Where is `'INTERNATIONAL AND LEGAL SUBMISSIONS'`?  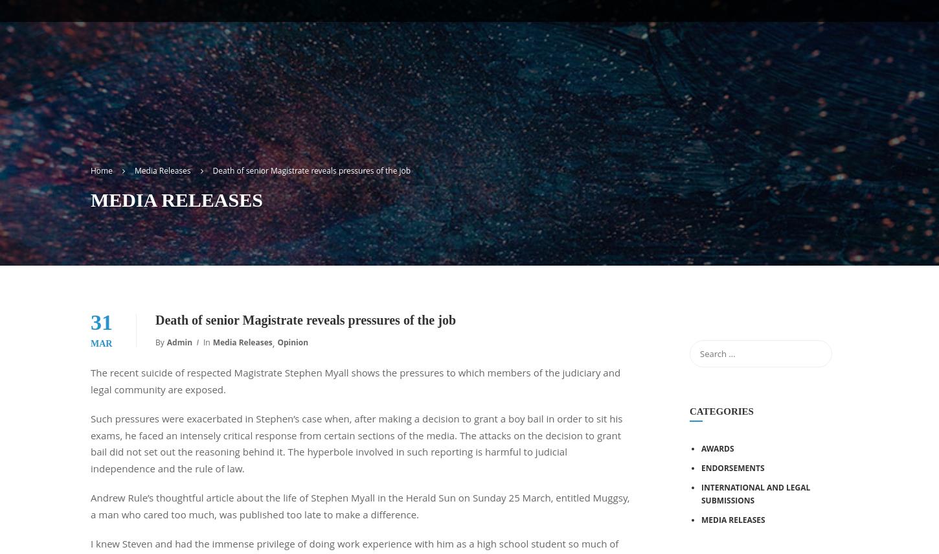 'INTERNATIONAL AND LEGAL SUBMISSIONS' is located at coordinates (701, 493).